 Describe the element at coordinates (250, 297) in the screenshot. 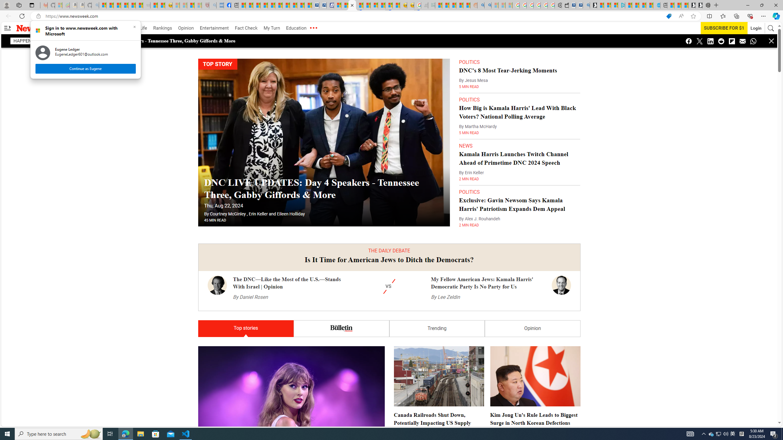

I see `'By Daniel Rosen'` at that location.